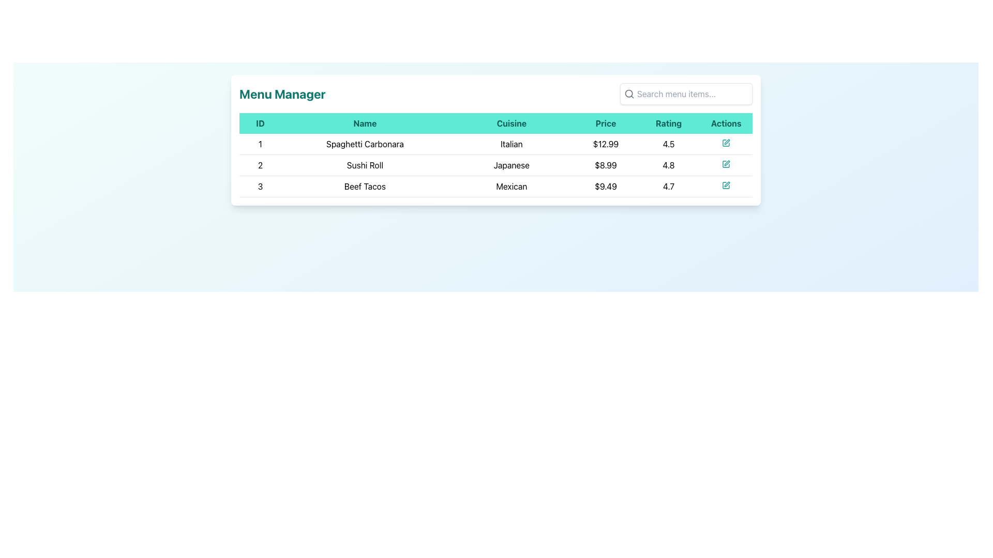  Describe the element at coordinates (726, 163) in the screenshot. I see `the editing tool button for the menu item 'Sushi Roll' located in the second row of the 'Actions' column` at that location.